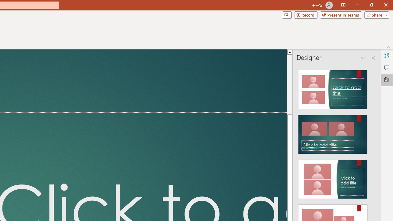 Image resolution: width=393 pixels, height=221 pixels. What do you see at coordinates (373, 58) in the screenshot?
I see `'Close pane'` at bounding box center [373, 58].